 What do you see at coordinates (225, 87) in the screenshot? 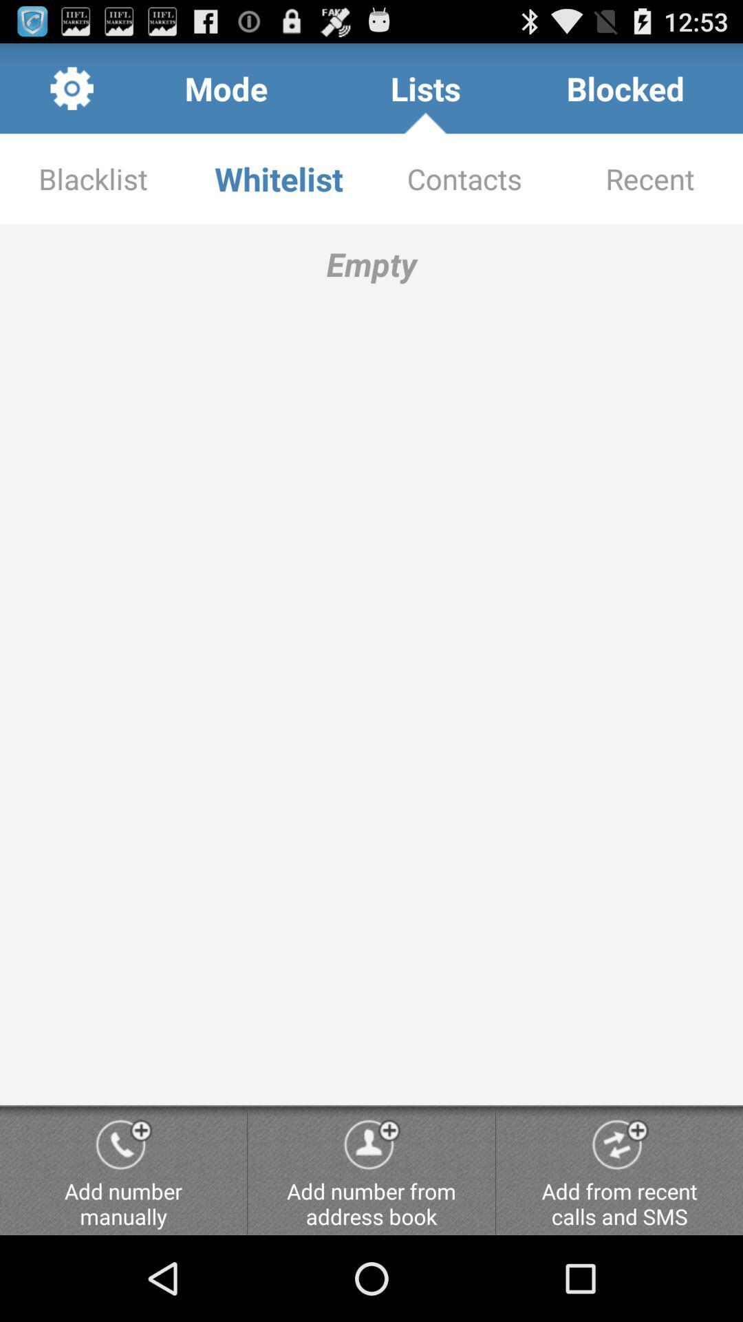
I see `mode app` at bounding box center [225, 87].